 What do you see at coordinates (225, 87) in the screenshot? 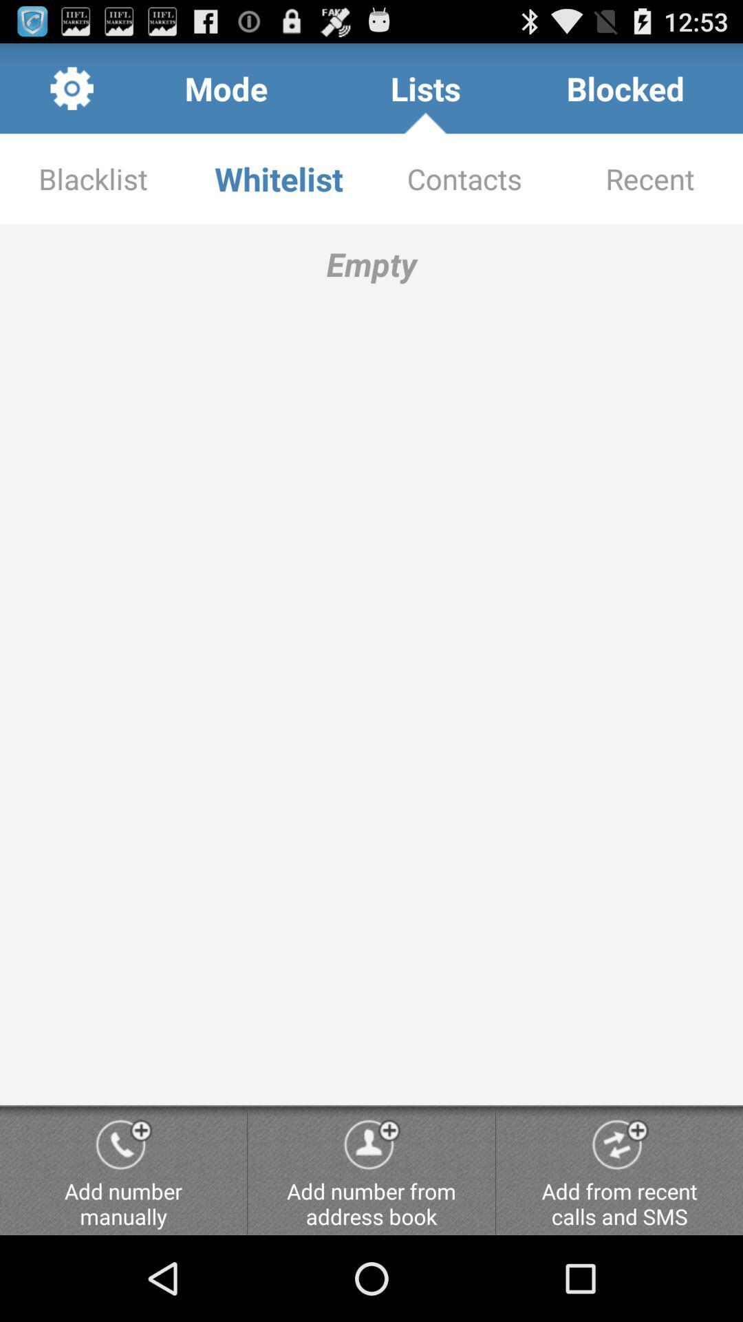
I see `mode app` at bounding box center [225, 87].